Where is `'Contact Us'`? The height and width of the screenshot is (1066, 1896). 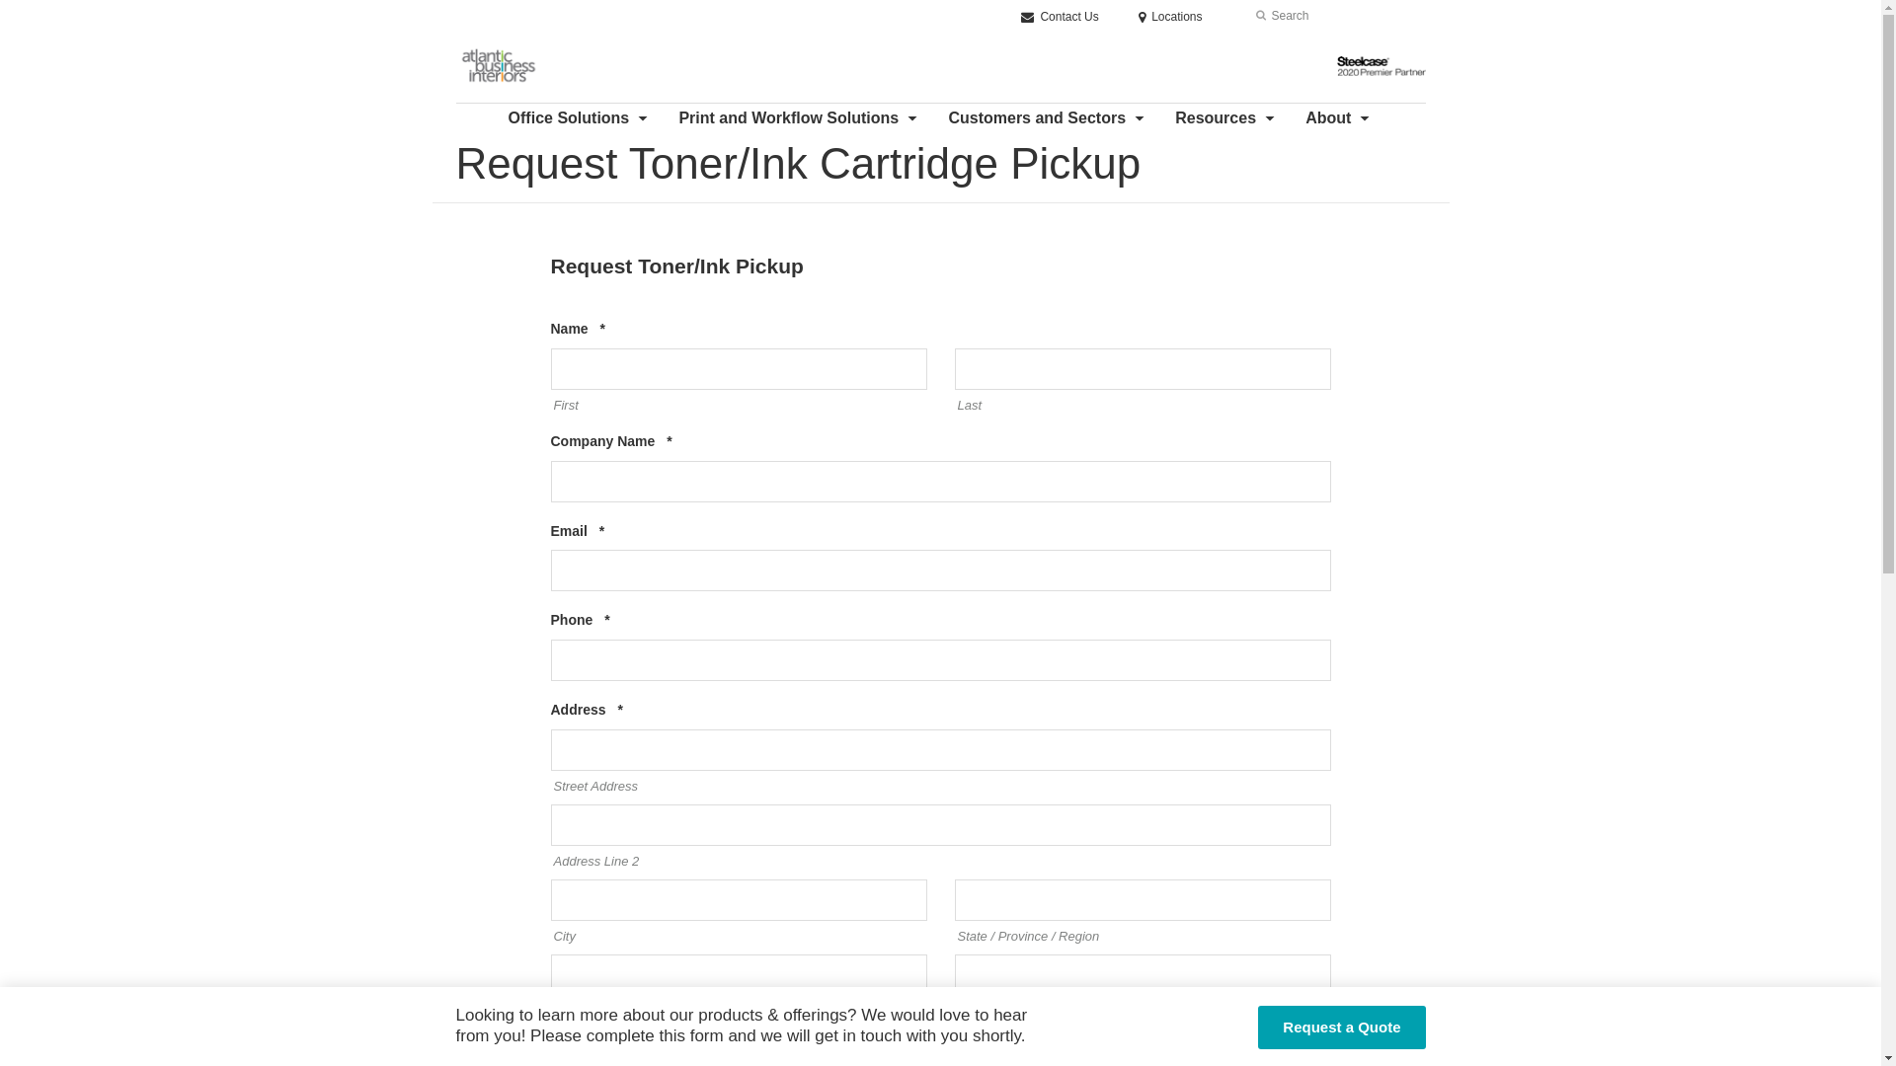
'Contact Us' is located at coordinates (1059, 16).